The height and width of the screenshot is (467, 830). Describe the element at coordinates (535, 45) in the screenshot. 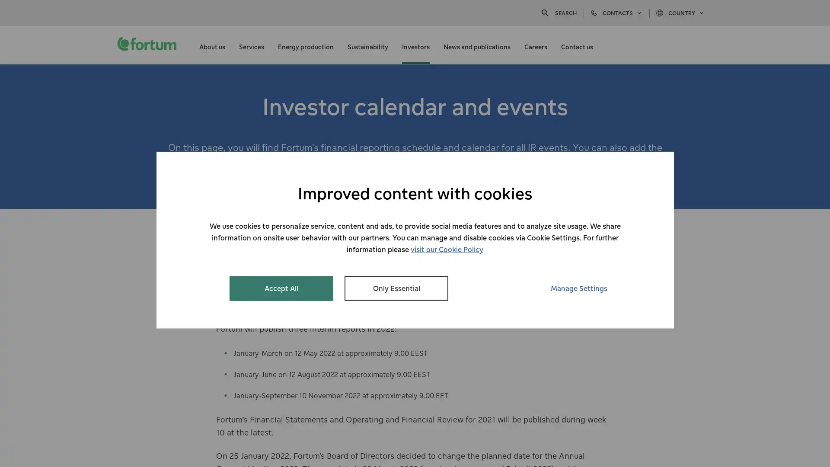

I see `Careers` at that location.